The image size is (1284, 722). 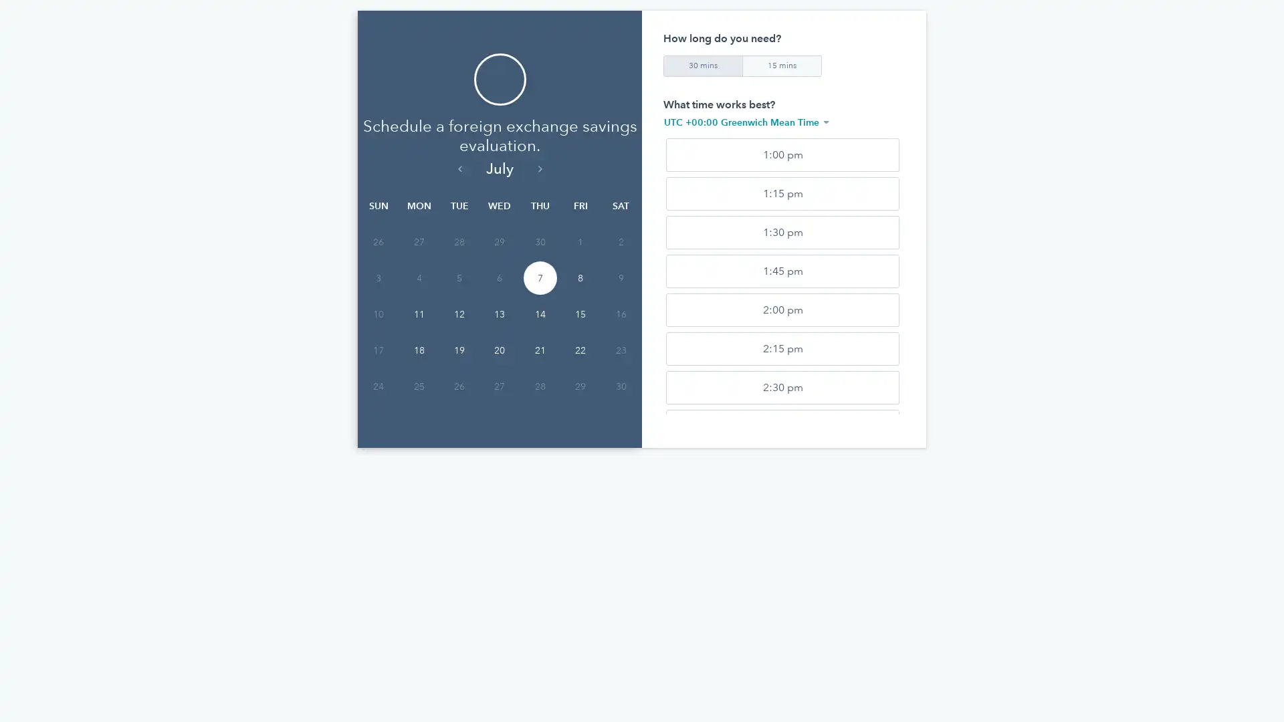 I want to click on July 4th, so click(x=417, y=277).